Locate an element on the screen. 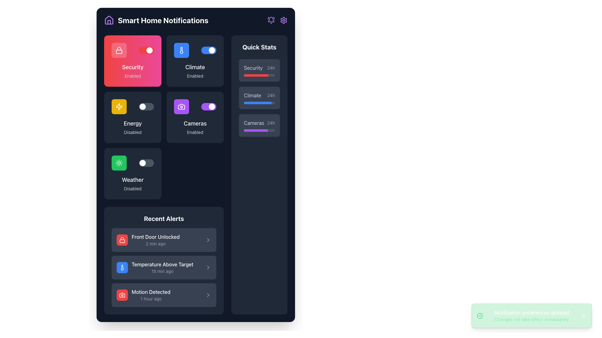 This screenshot has height=338, width=602. the text label displaying 'Front Door Unlocked' in white font within the 'Recent Alerts' section, which is positioned at the bottom of the layout is located at coordinates (156, 237).